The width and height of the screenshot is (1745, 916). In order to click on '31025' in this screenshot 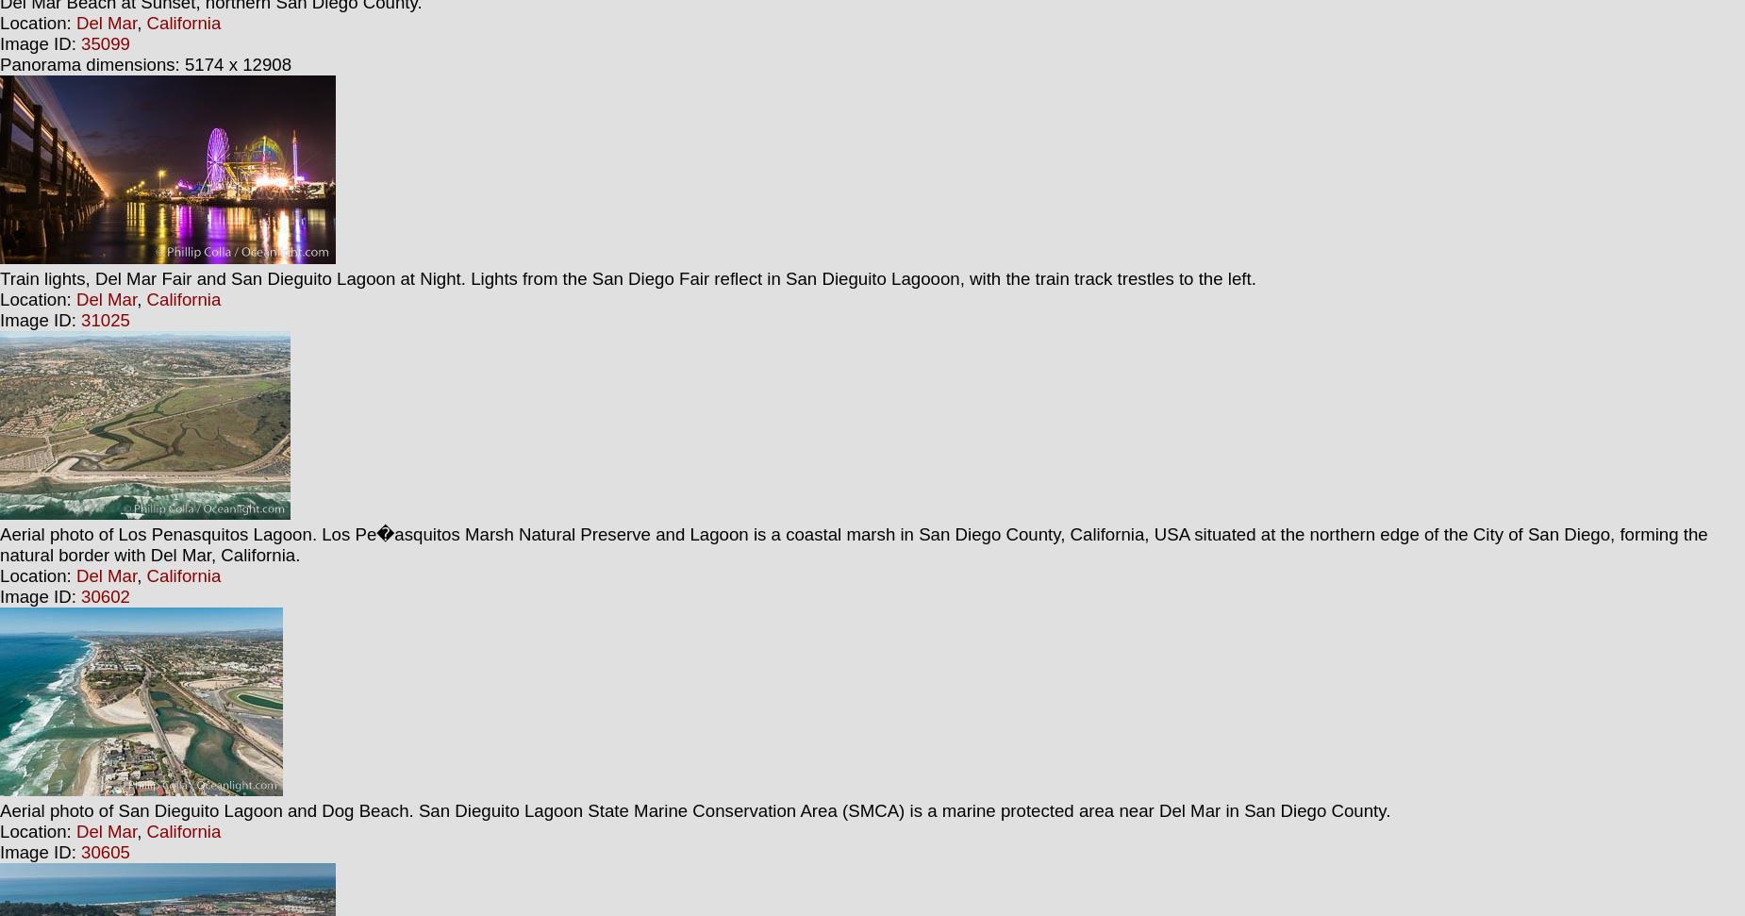, I will do `click(104, 320)`.